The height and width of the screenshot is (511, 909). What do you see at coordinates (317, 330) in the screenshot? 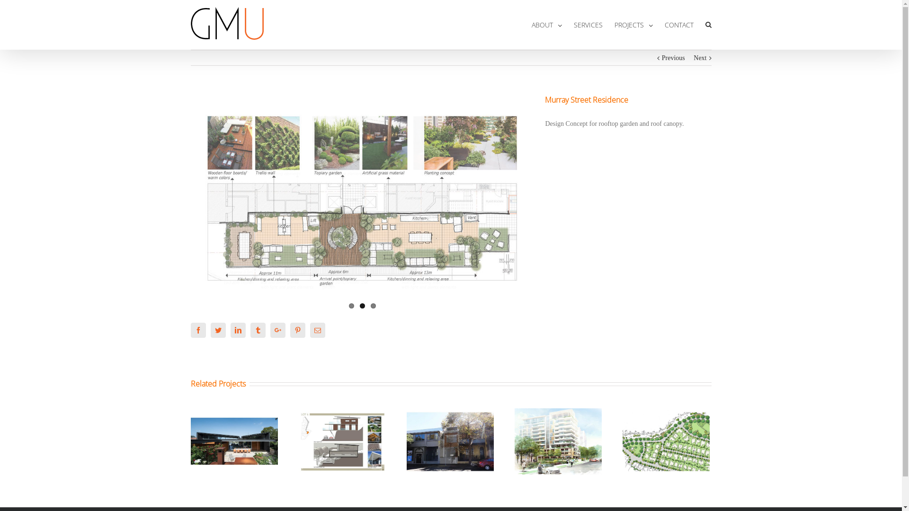
I see `'Email'` at bounding box center [317, 330].